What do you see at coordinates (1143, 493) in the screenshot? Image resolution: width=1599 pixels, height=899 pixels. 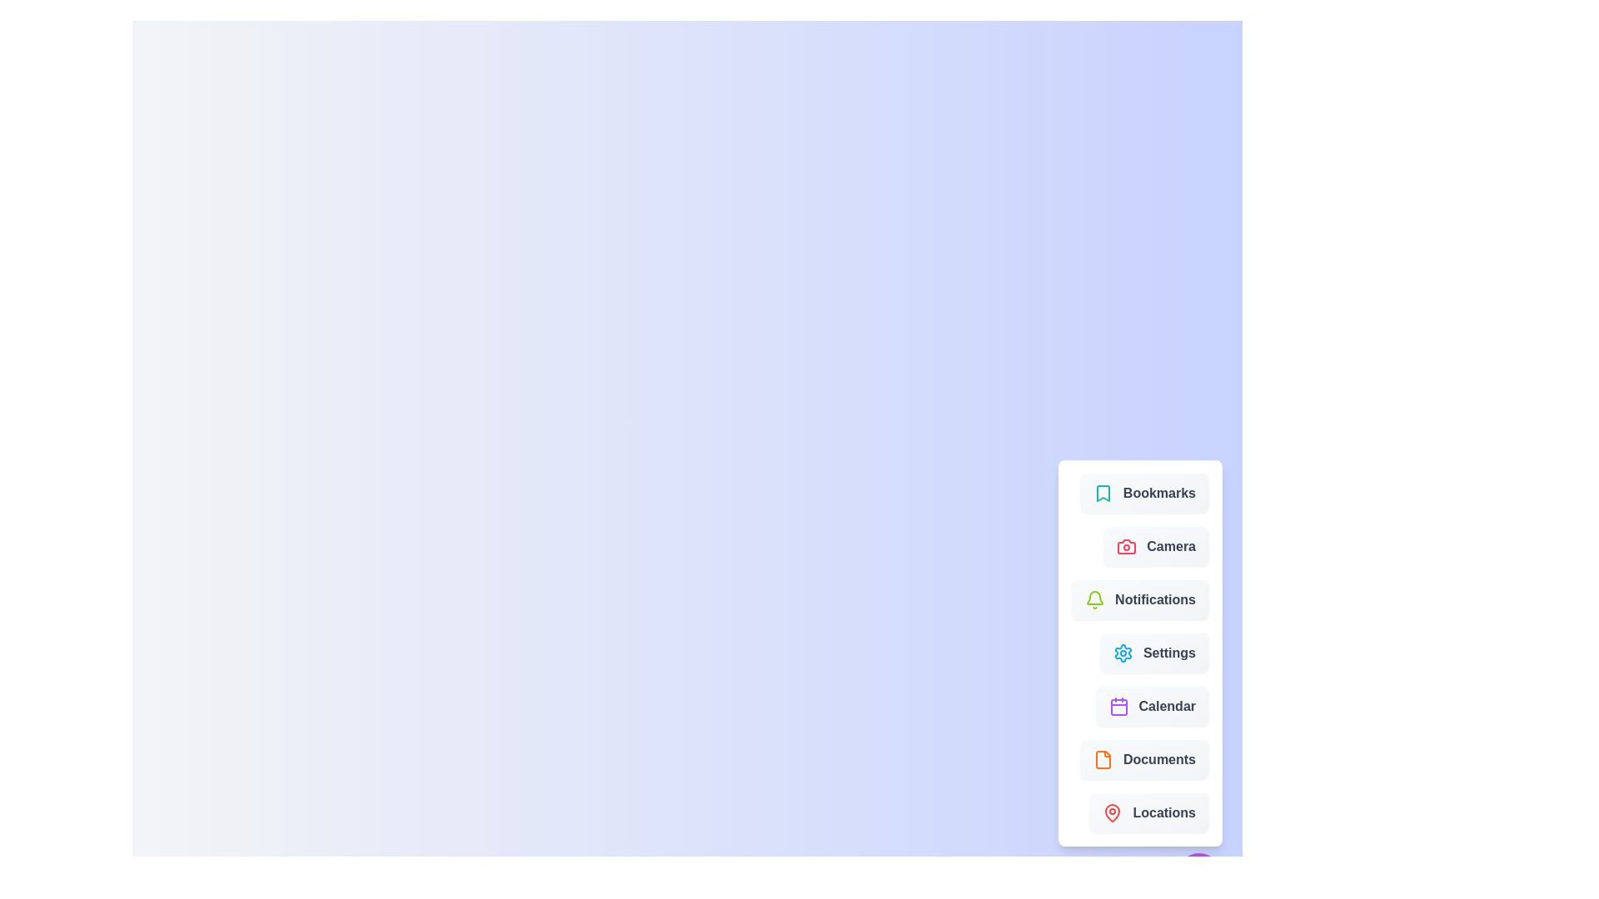 I see `the menu item corresponding to Bookmarks to activate its action` at bounding box center [1143, 493].